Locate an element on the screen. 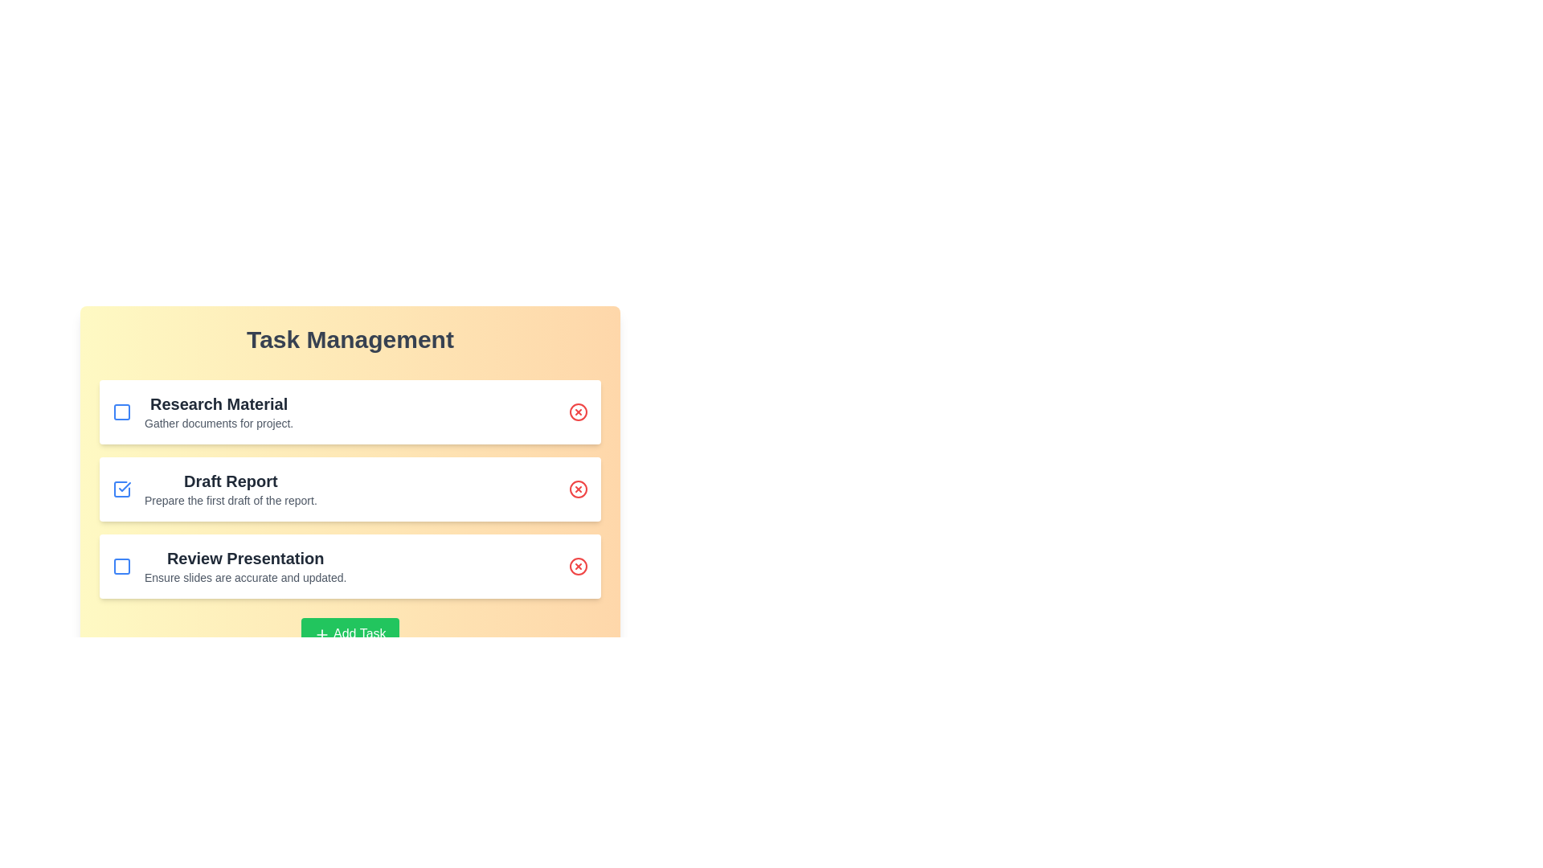  delete button for the task titled Review Presentation is located at coordinates (579, 566).